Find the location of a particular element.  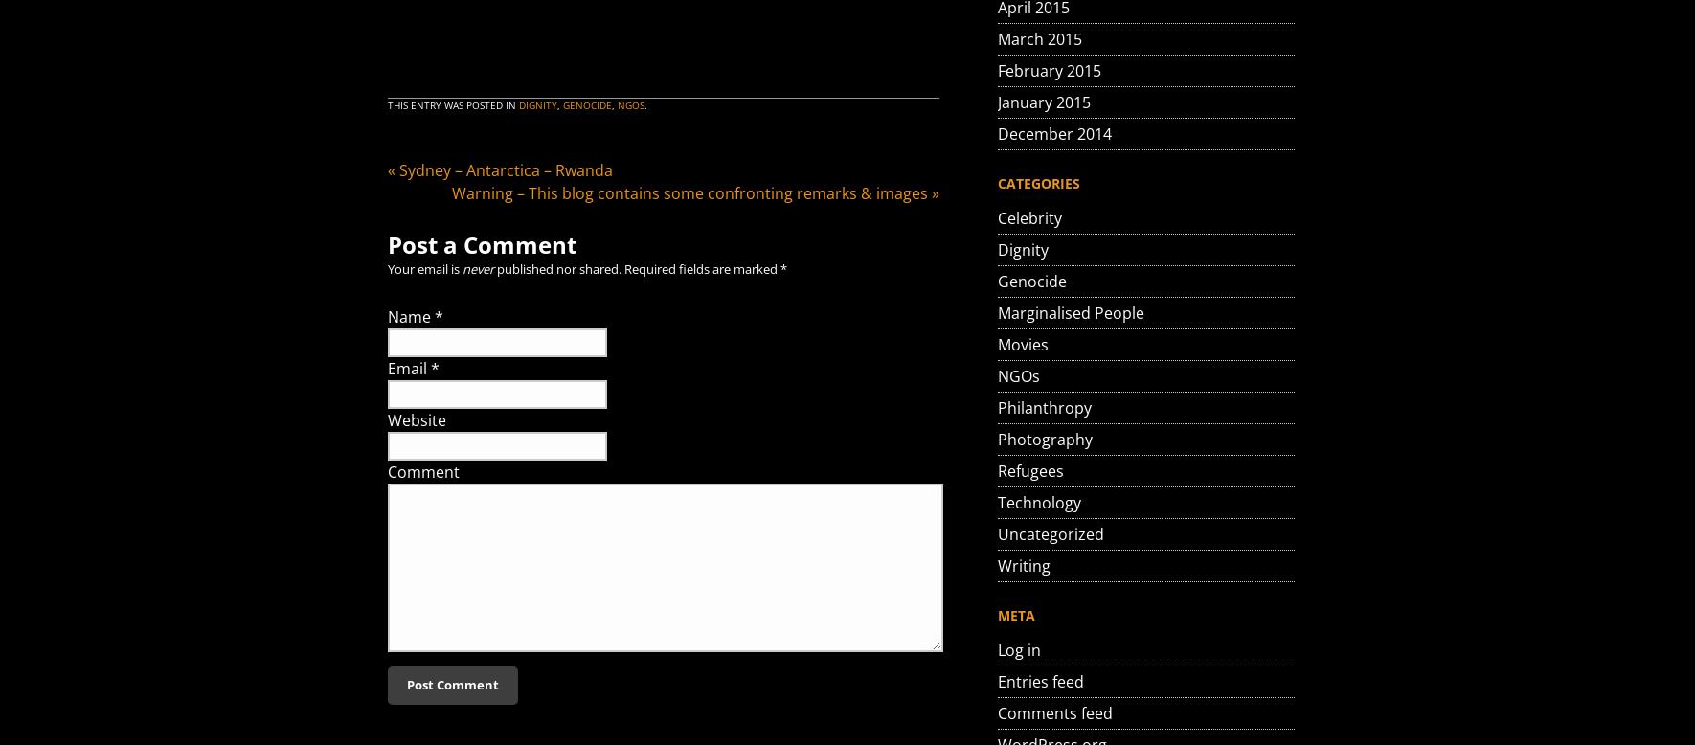

'.' is located at coordinates (644, 104).